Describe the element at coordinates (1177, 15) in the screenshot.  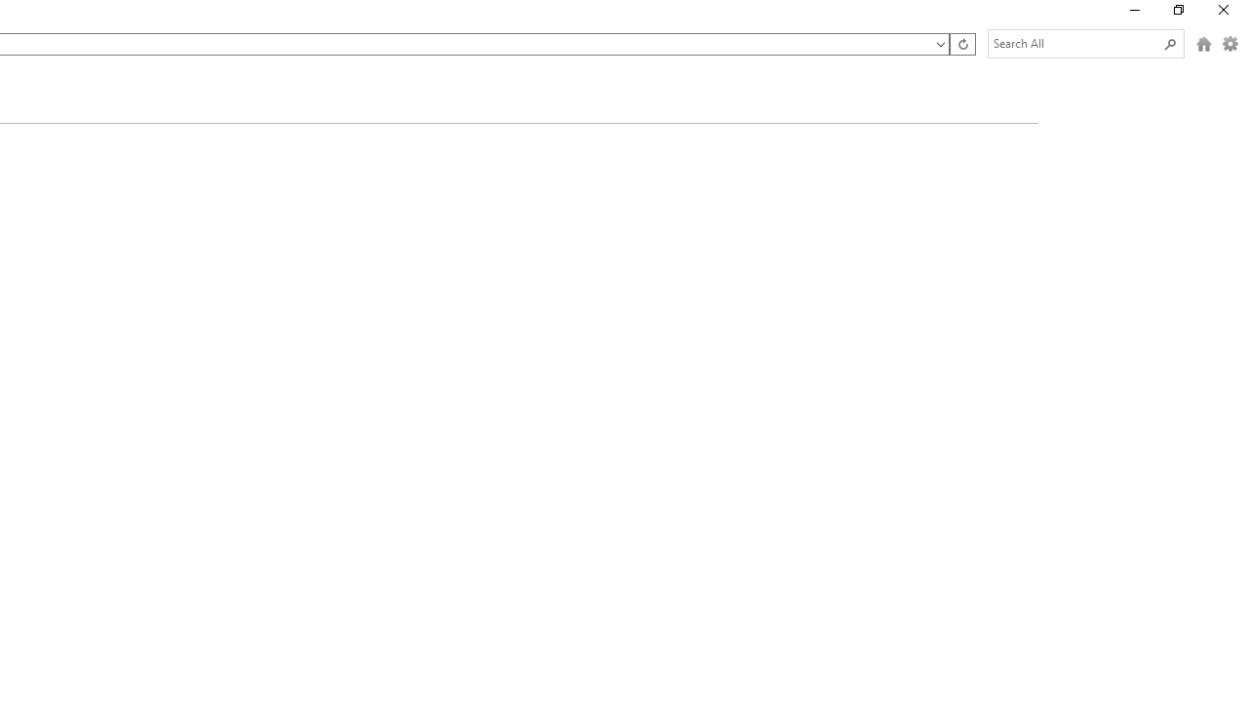
I see `'Restore'` at that location.